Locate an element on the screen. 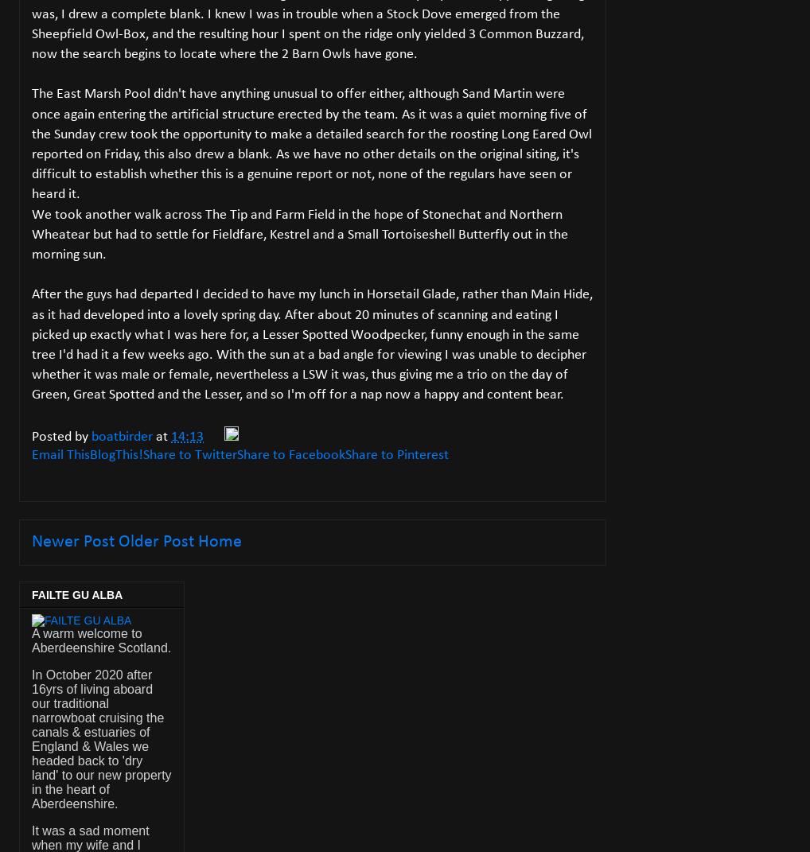  'After the guys had departed I decided to have my lunch in Horsetail Glade, rather than Main Hide, as it had developed into a lovely spring day. After about 20 minutes of scanning and eating I picked up exactly what I was here for, a Lesser Spotted Woodpecker, funny enough in the same tree I'd had it a few weeks ago. With the sun at a bad angle for viewing I was unable to decipher whether it was male or female, nevertheless a LSW it was, thus giving me a trio on the day of Green, Great Spotted and the Lesser, and so I'm off for a nap now a happy and content bear.' is located at coordinates (31, 344).